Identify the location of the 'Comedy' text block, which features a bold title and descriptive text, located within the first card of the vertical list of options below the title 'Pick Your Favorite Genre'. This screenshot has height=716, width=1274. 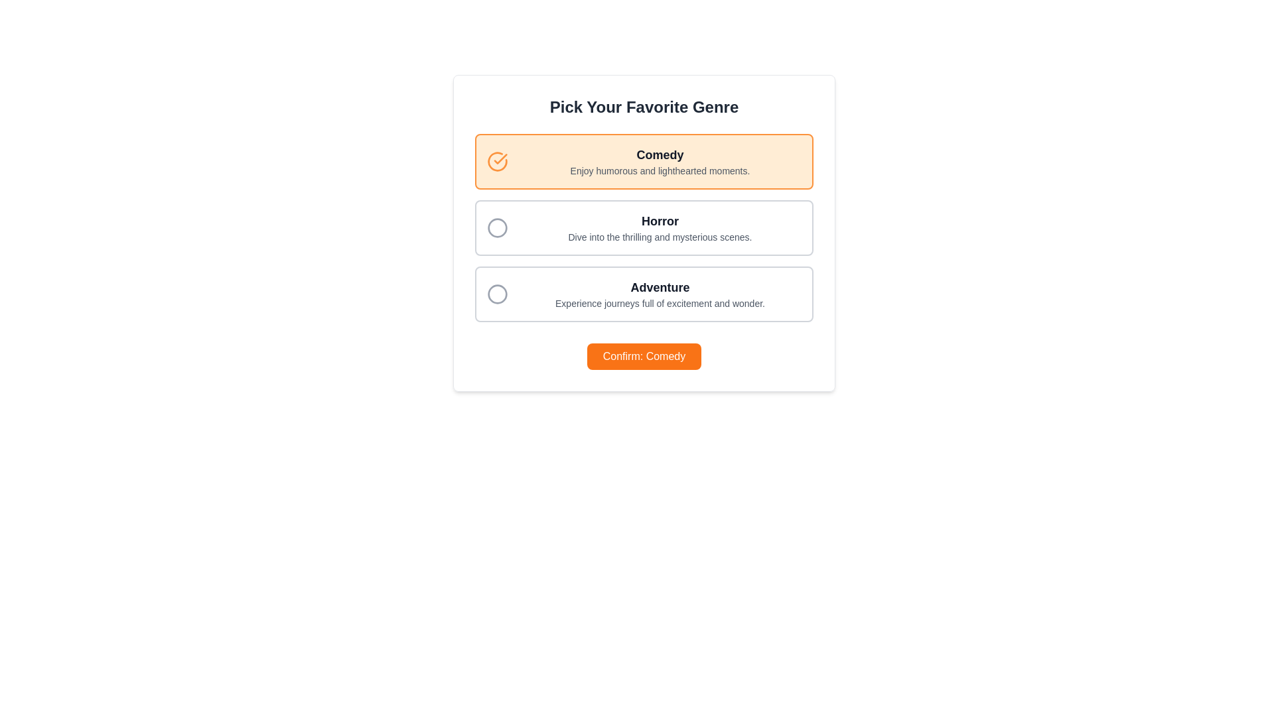
(660, 160).